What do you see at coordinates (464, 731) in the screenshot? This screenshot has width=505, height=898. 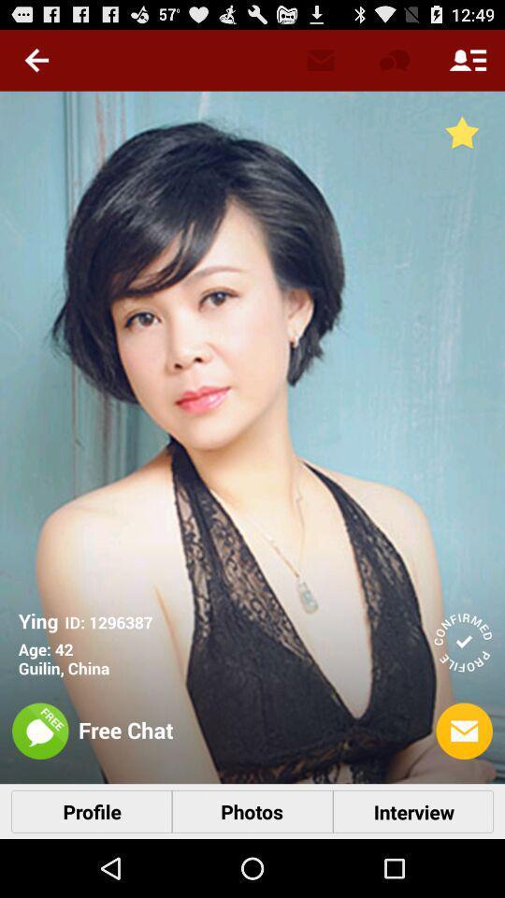 I see `the letter icon in the bottom right corner` at bounding box center [464, 731].